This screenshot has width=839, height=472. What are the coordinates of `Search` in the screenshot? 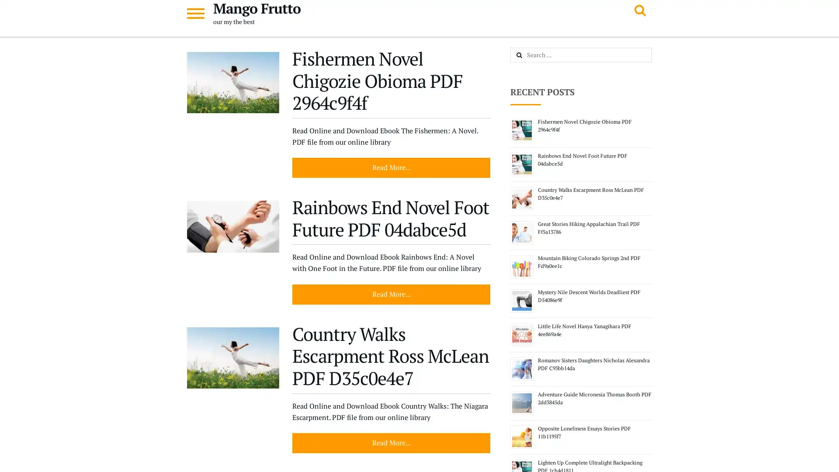 It's located at (528, 56).